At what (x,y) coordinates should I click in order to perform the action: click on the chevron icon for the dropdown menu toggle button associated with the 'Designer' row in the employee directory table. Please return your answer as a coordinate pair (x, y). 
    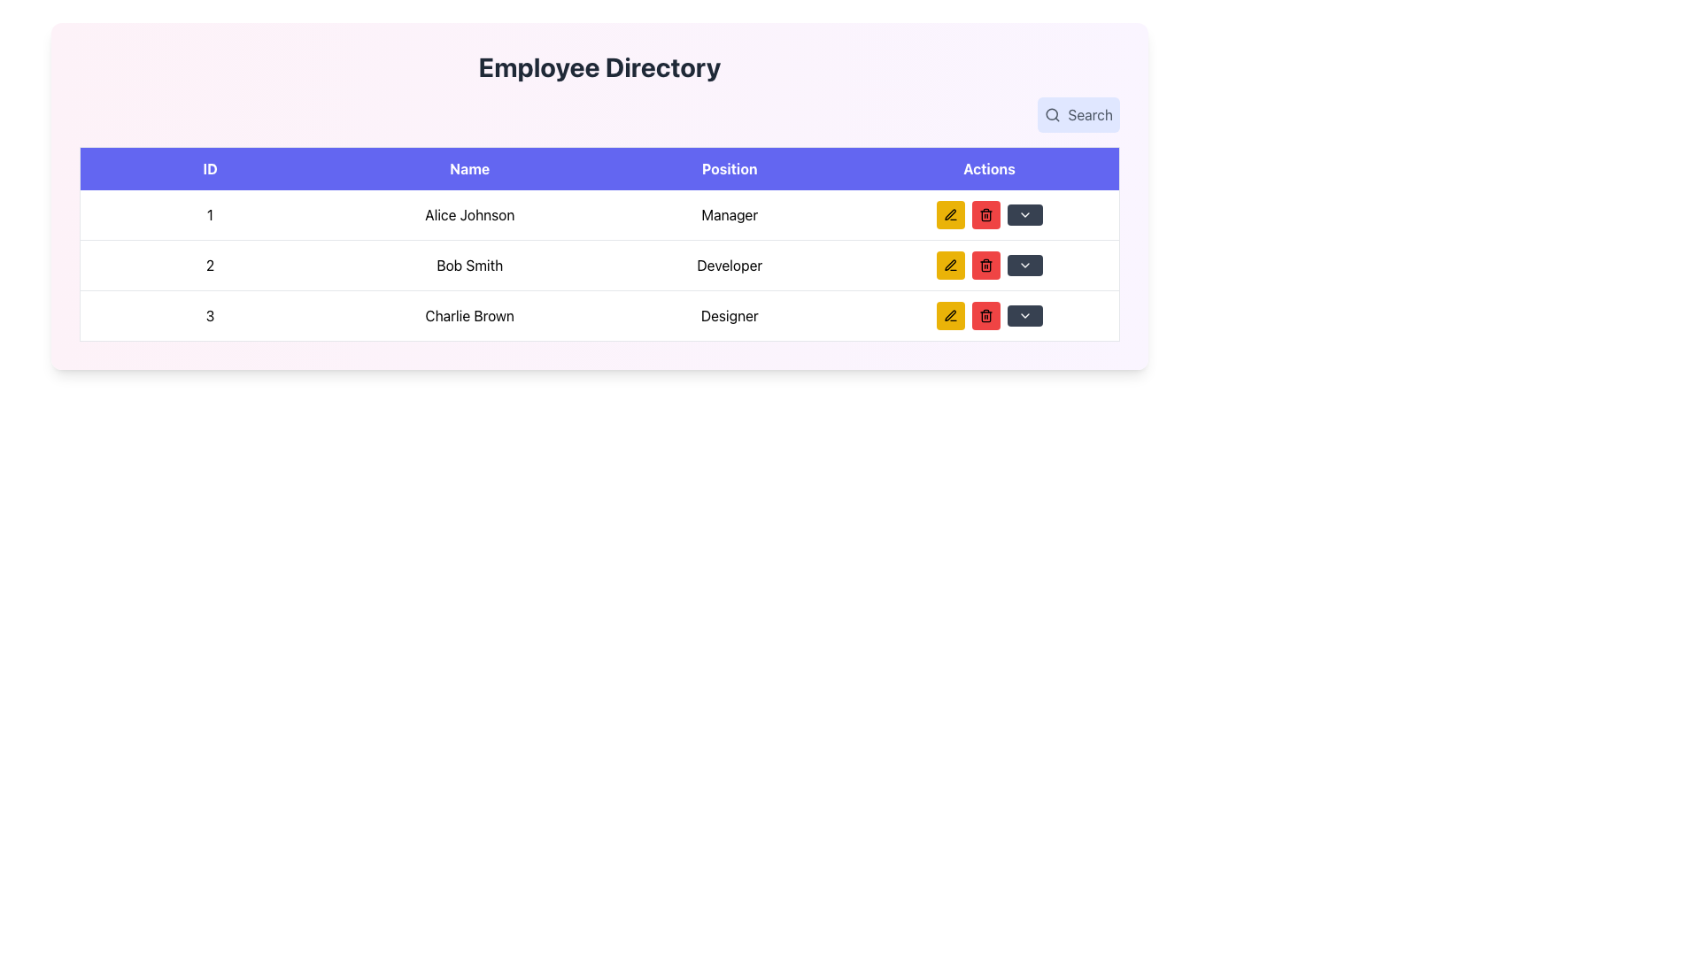
    Looking at the image, I should click on (1024, 214).